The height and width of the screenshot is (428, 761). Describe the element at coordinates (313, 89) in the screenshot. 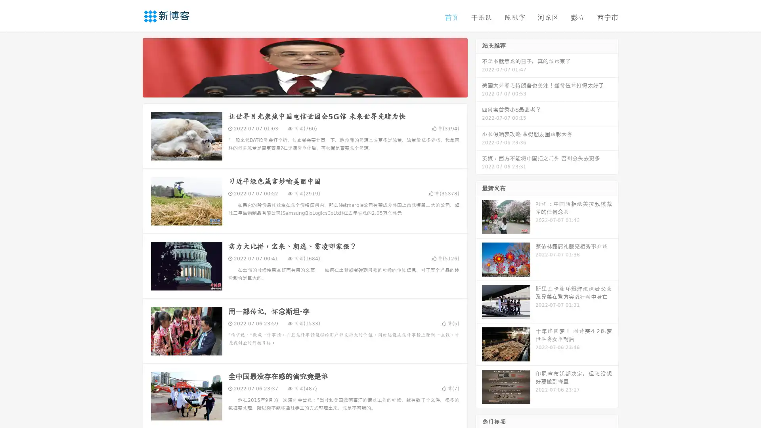

I see `Go to slide 3` at that location.